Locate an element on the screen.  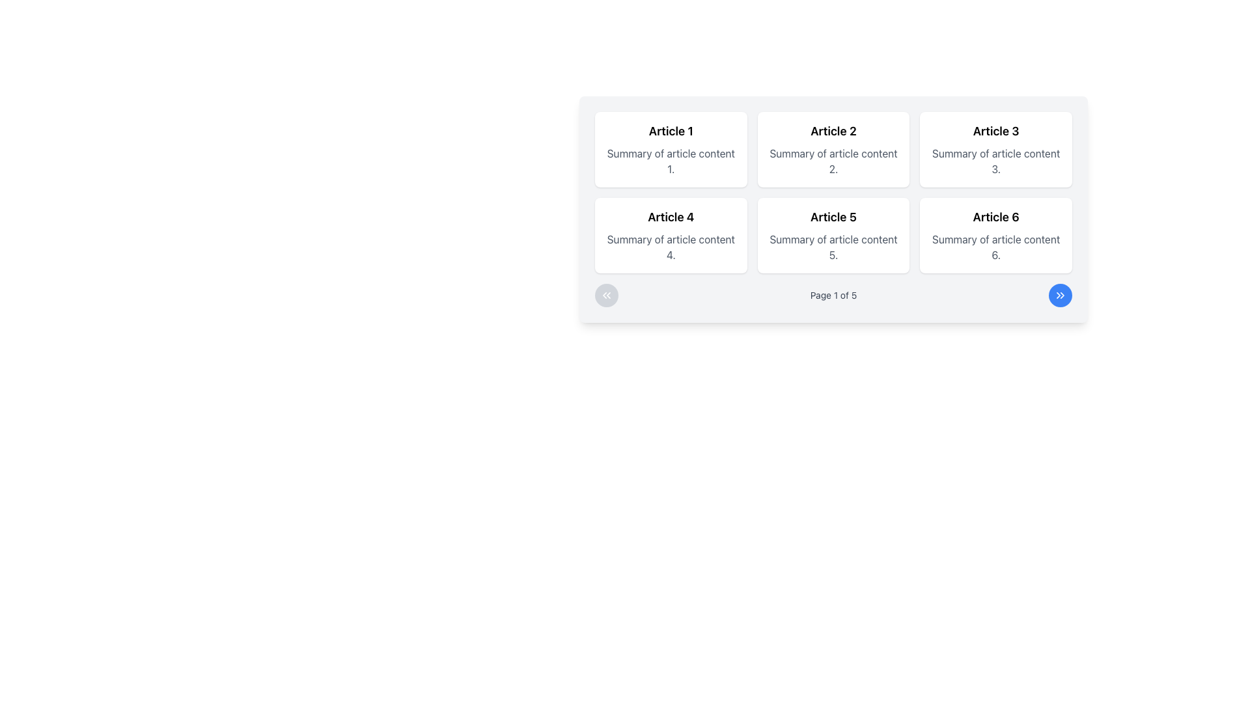
the blue circular button with white double right chevrons (>>) to observe the hover effect is located at coordinates (1060, 296).